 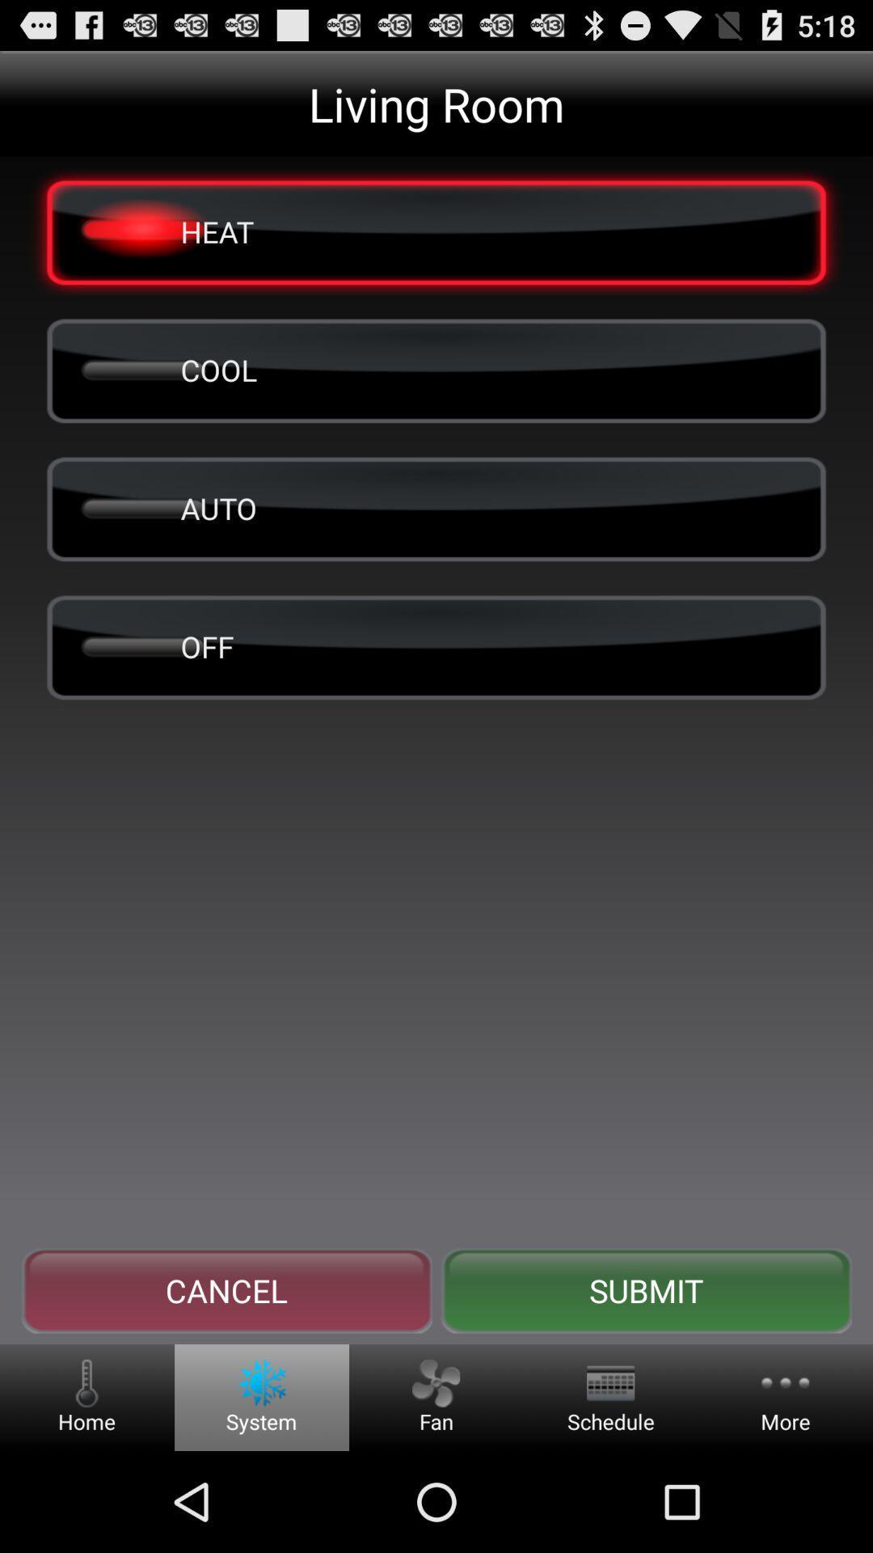 I want to click on heat item, so click(x=436, y=231).